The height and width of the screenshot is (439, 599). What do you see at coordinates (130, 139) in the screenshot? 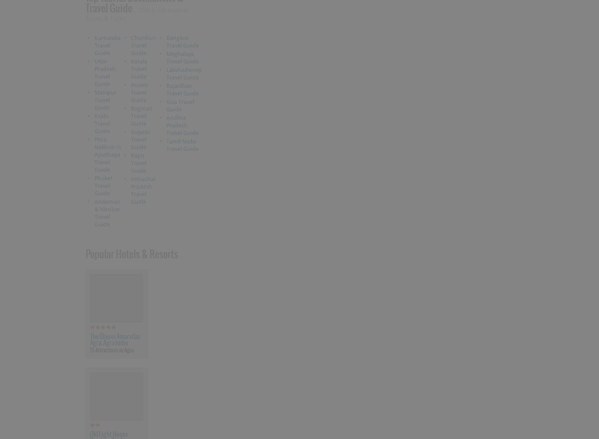
I see `'Gujarat Travel Guide'` at bounding box center [130, 139].